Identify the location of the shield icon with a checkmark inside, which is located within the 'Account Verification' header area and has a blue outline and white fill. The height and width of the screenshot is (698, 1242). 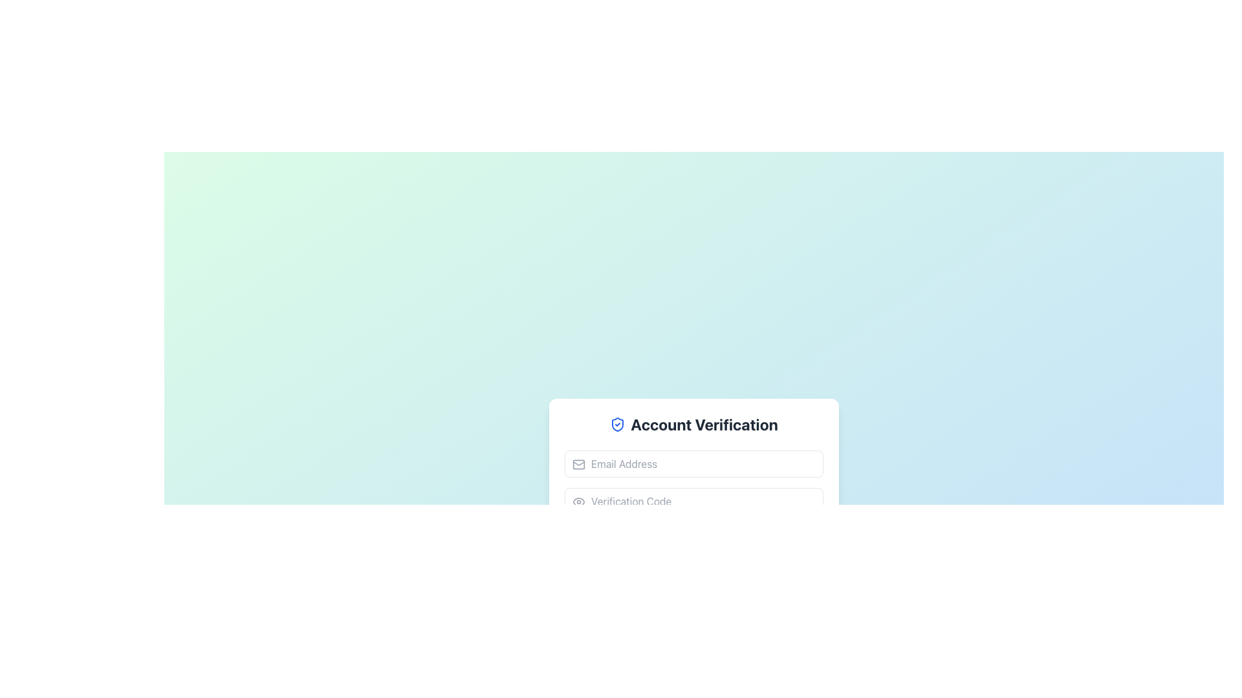
(617, 424).